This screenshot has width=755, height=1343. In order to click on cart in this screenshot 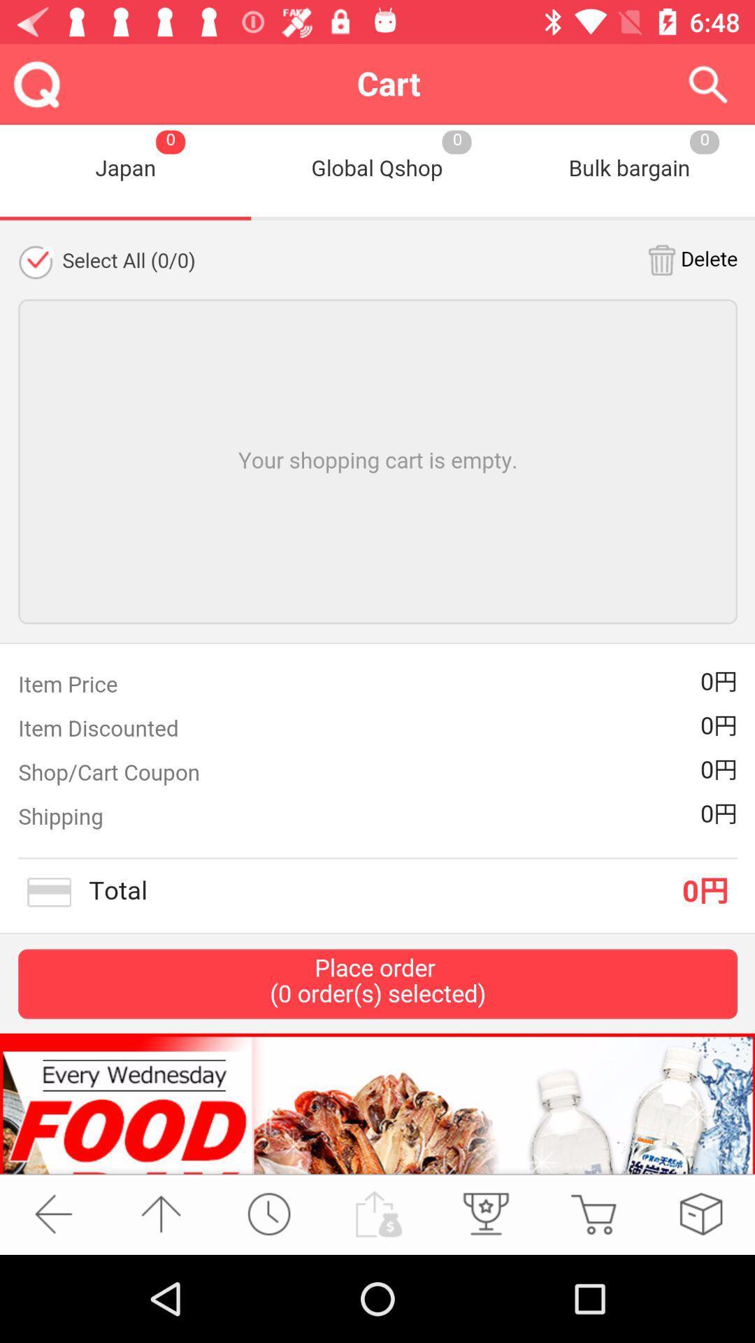, I will do `click(593, 1213)`.